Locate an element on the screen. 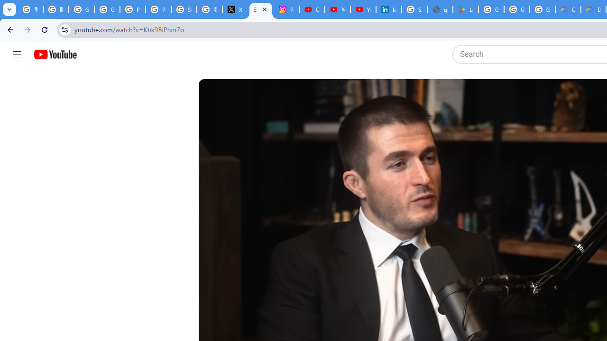 The image size is (607, 341). 'X' is located at coordinates (235, 9).